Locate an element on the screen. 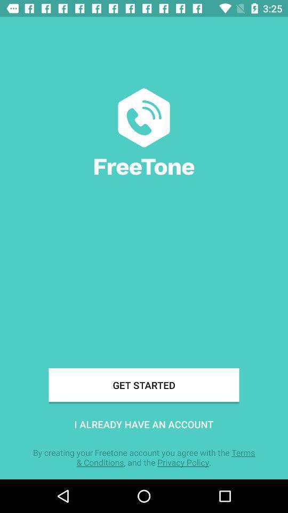 The width and height of the screenshot is (288, 513). the icon above by creating your icon is located at coordinates (144, 424).